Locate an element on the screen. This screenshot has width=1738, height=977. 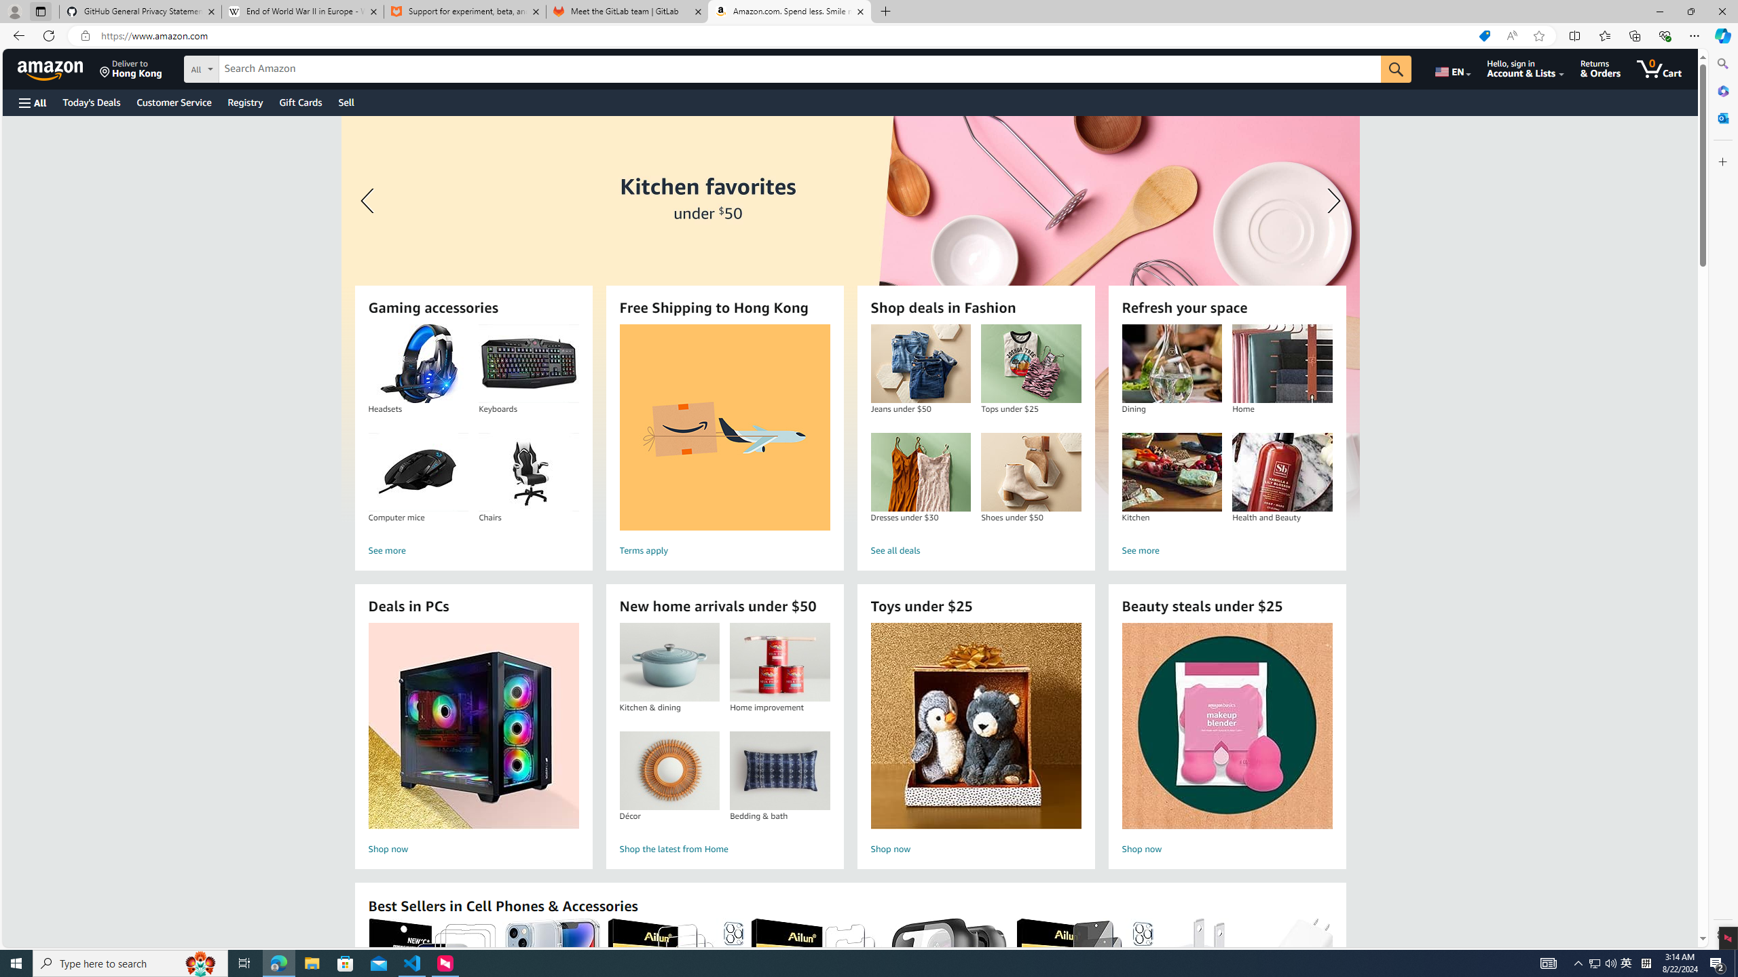
'Previous slide' is located at coordinates (369, 199).